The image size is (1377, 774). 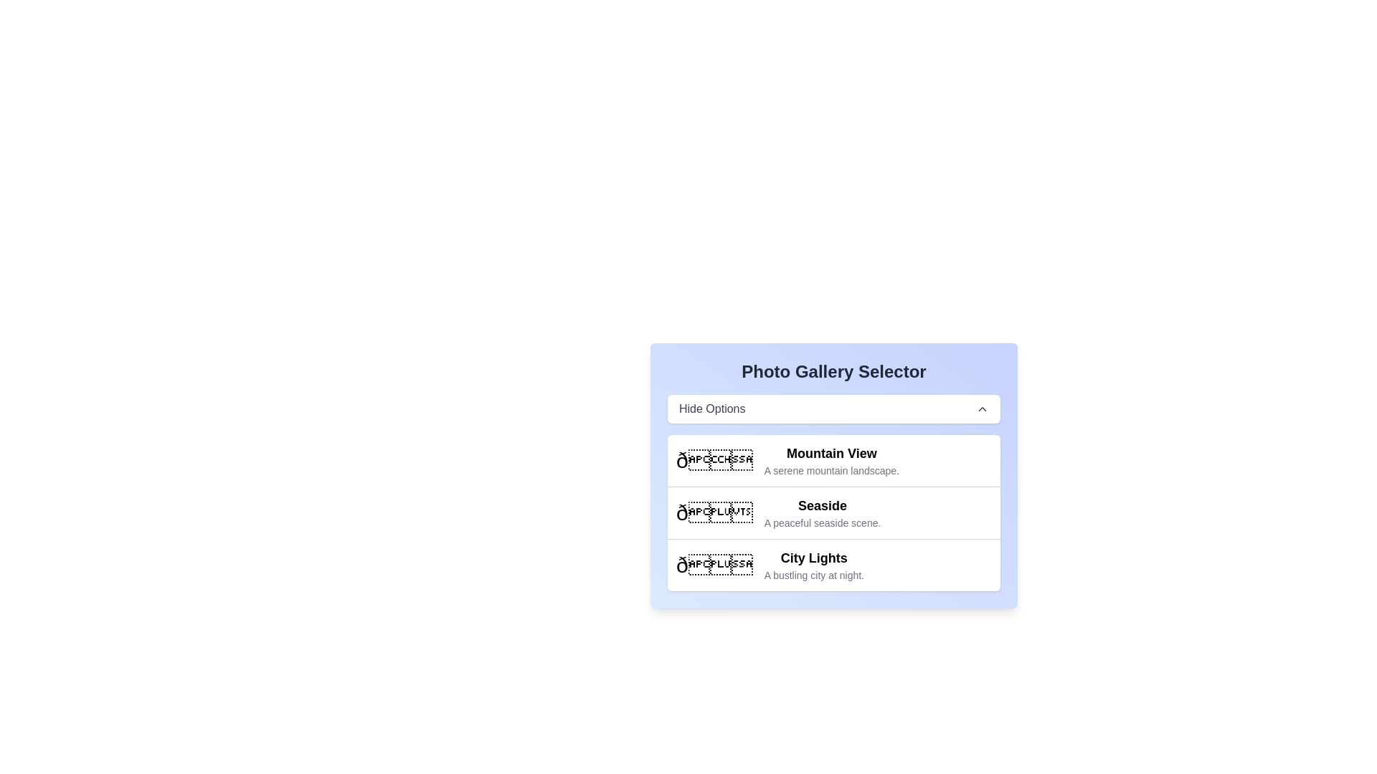 What do you see at coordinates (814, 574) in the screenshot?
I see `text content of the small text label that says 'A bustling city at night.' located below 'City Lights' in the third entry of the vertical list in the 'Photo Gallery Selector' interface` at bounding box center [814, 574].